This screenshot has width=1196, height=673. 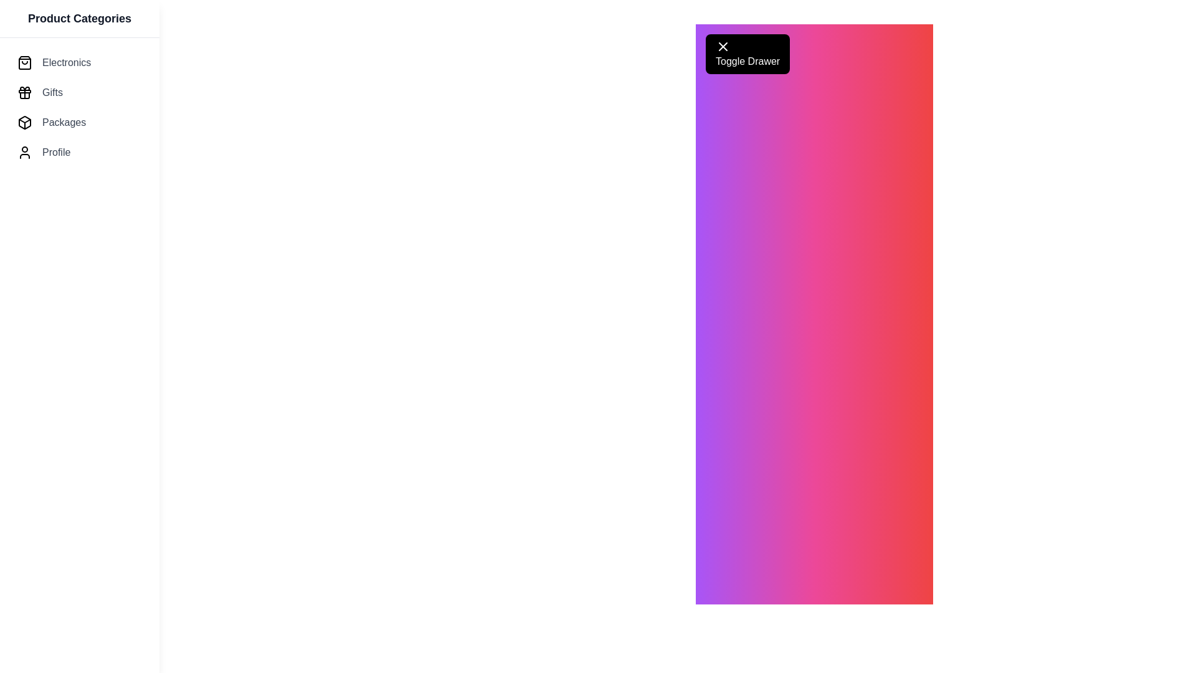 What do you see at coordinates (79, 152) in the screenshot?
I see `the product categories: Profile` at bounding box center [79, 152].